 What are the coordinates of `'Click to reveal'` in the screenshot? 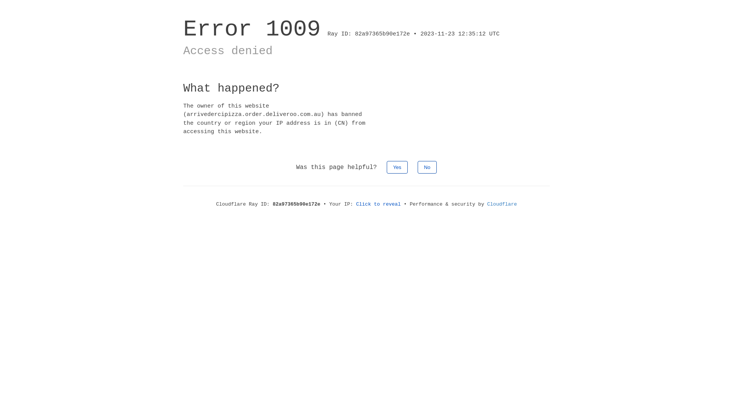 It's located at (378, 204).